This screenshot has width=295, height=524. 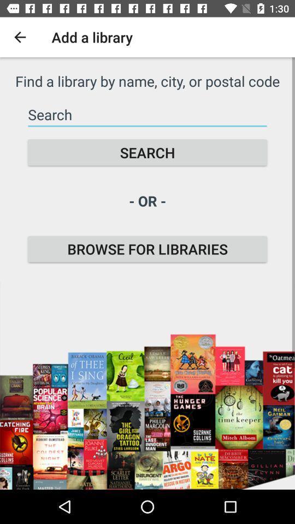 I want to click on type to search, so click(x=147, y=115).